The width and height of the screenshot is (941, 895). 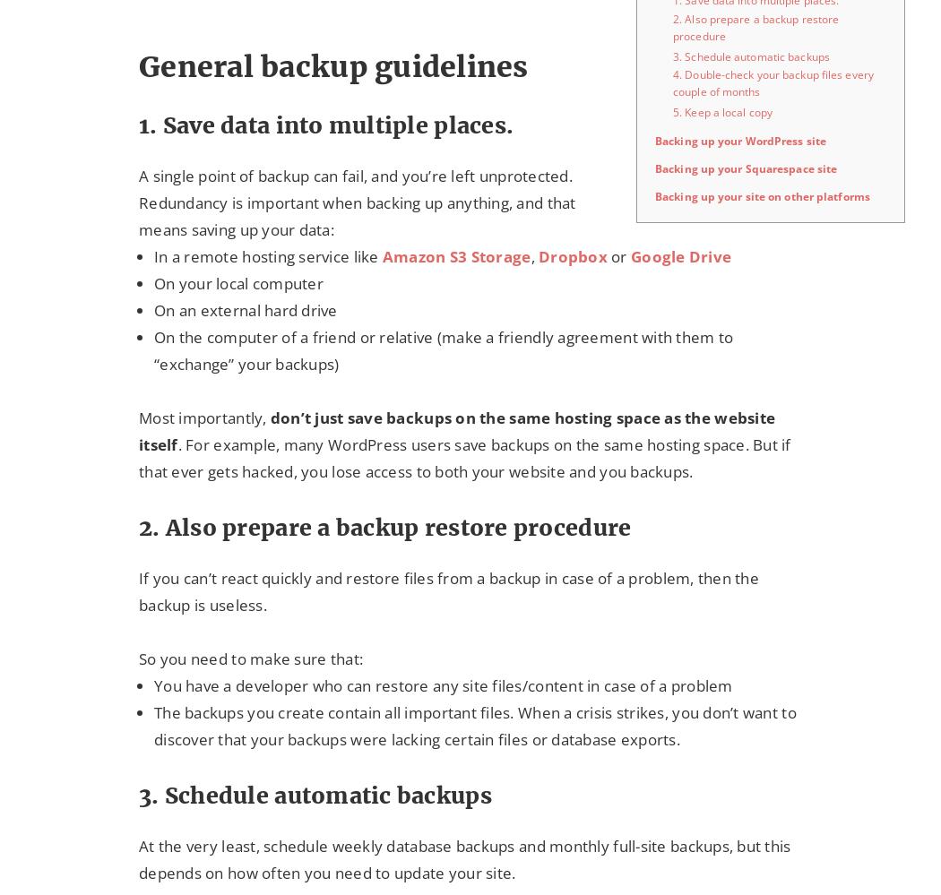 I want to click on 'General backup guidelines', so click(x=138, y=65).